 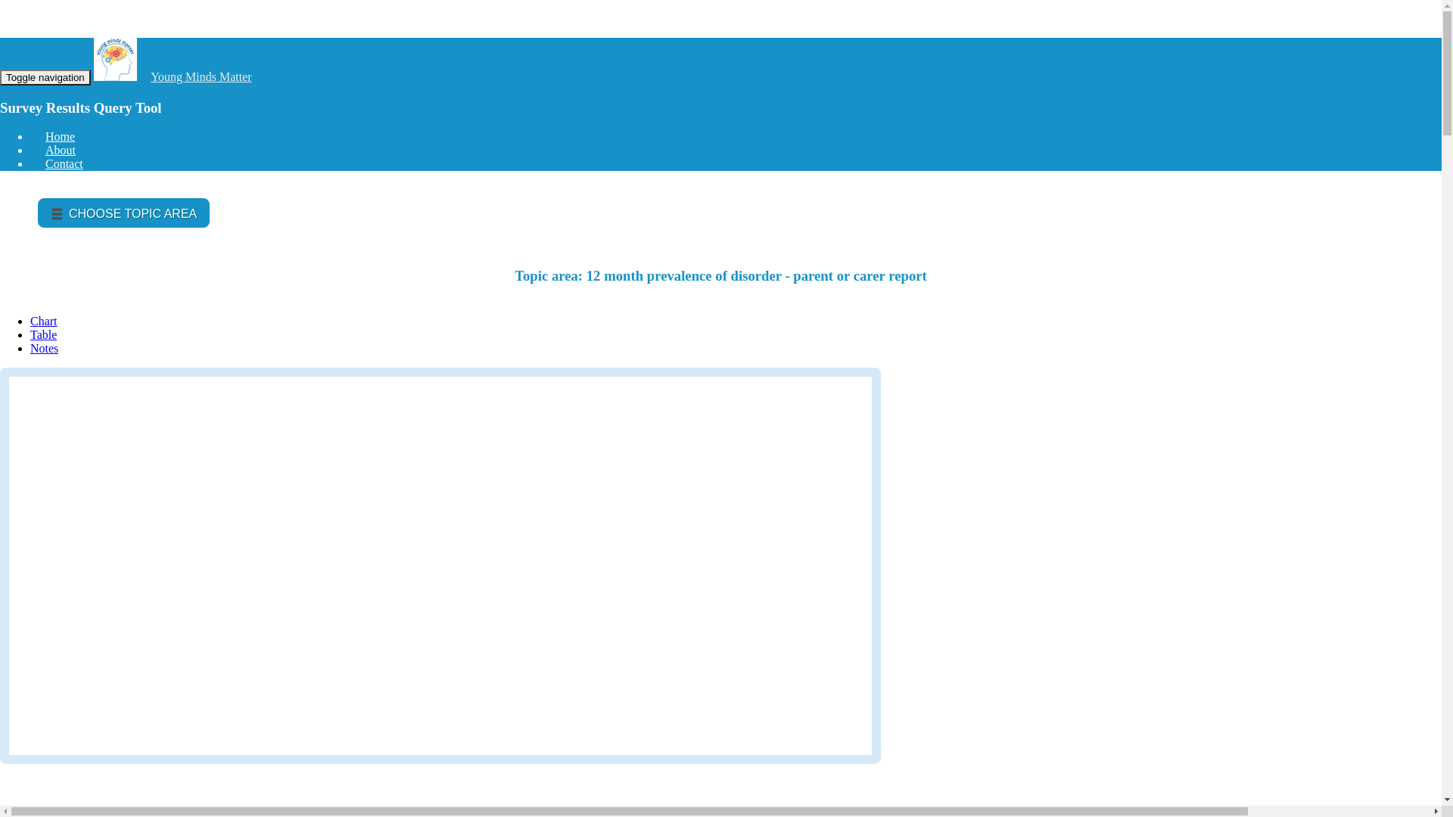 I want to click on 'Table', so click(x=43, y=334).